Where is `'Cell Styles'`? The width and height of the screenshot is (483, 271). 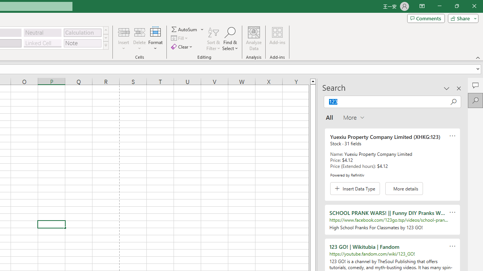 'Cell Styles' is located at coordinates (105, 45).